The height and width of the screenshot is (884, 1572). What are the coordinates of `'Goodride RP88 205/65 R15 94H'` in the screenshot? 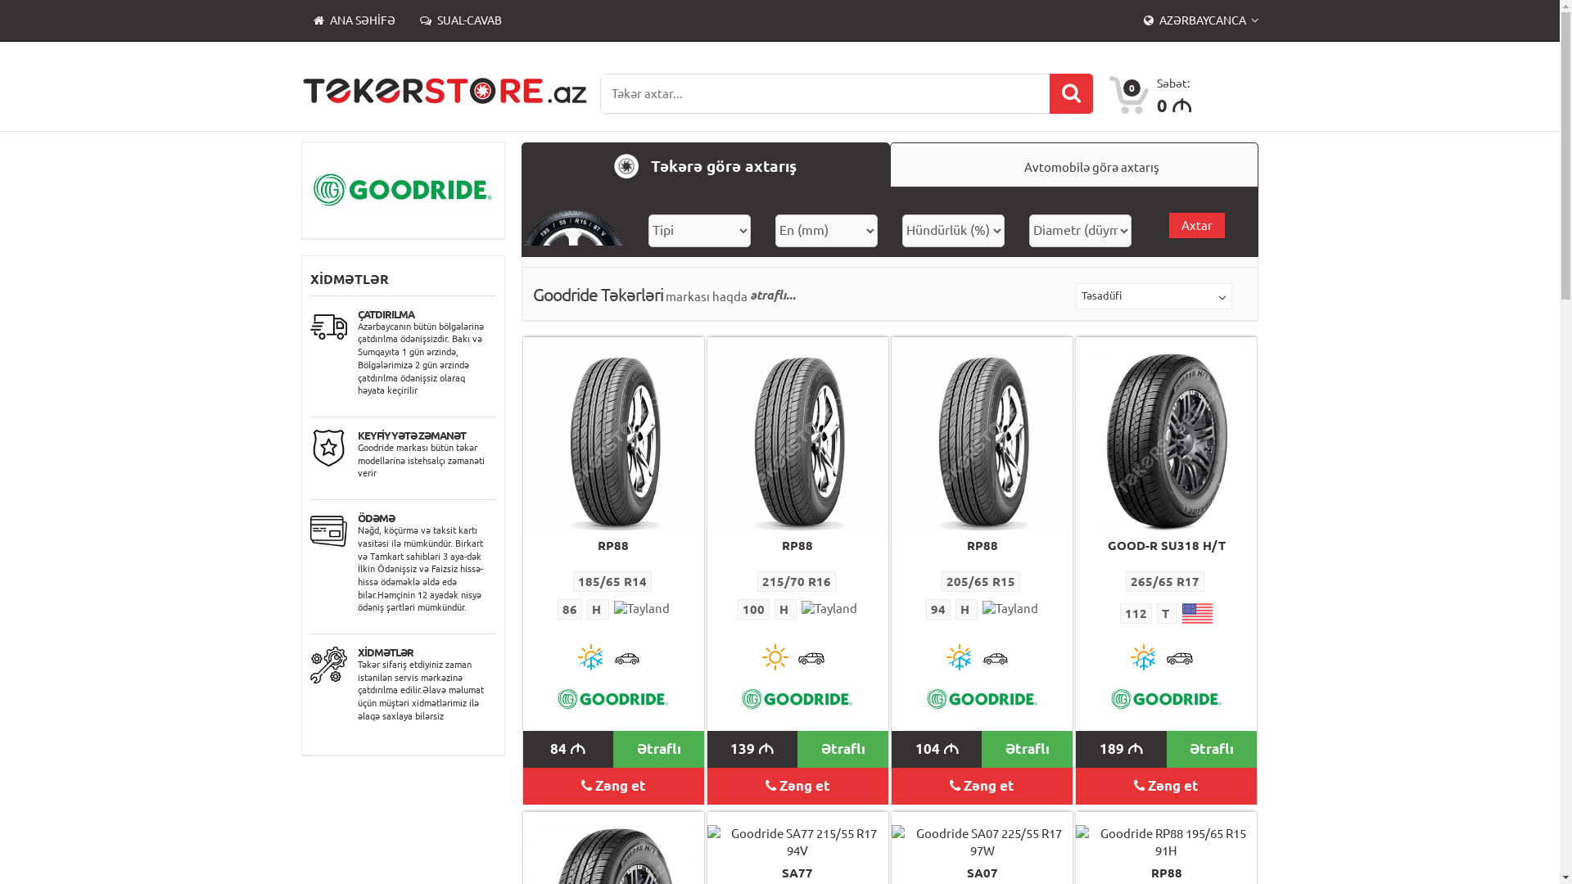 It's located at (982, 433).